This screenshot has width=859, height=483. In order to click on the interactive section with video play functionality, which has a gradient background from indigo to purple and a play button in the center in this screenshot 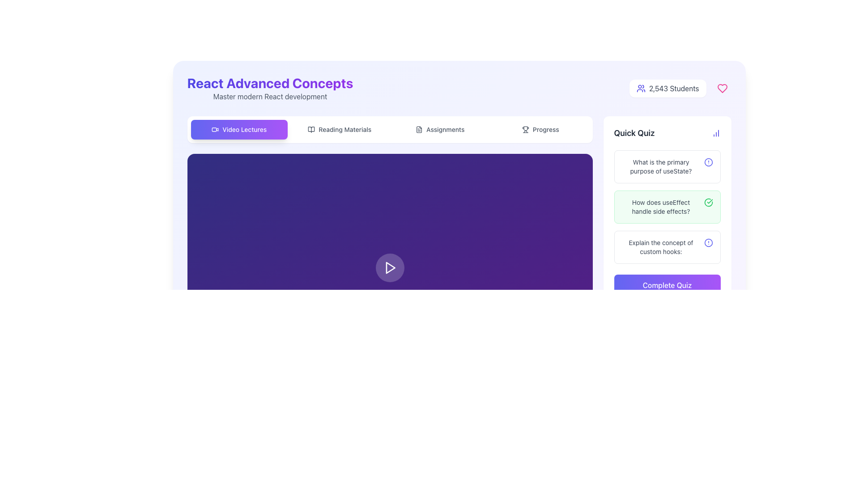, I will do `click(390, 267)`.